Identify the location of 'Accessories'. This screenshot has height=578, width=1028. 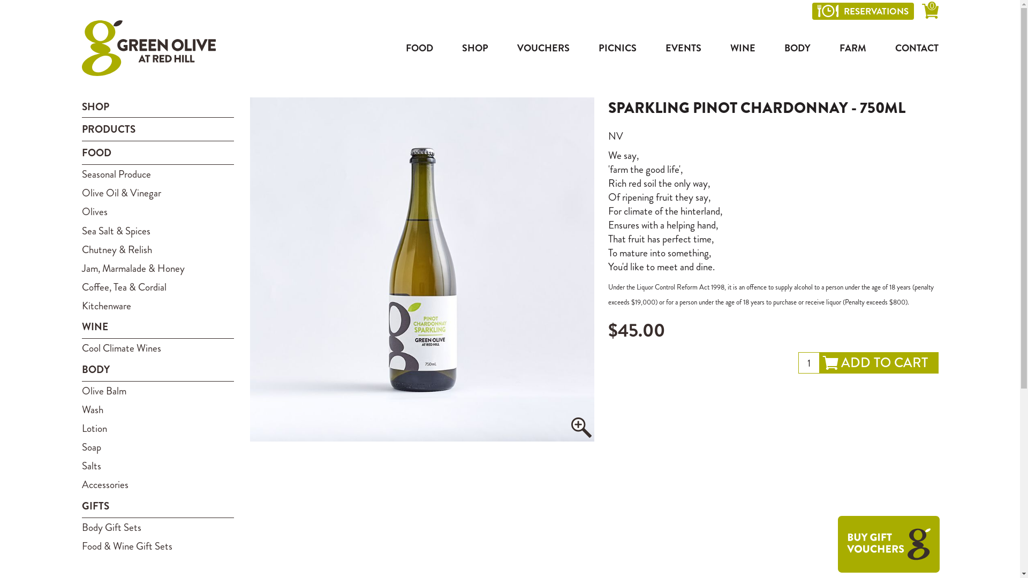
(157, 484).